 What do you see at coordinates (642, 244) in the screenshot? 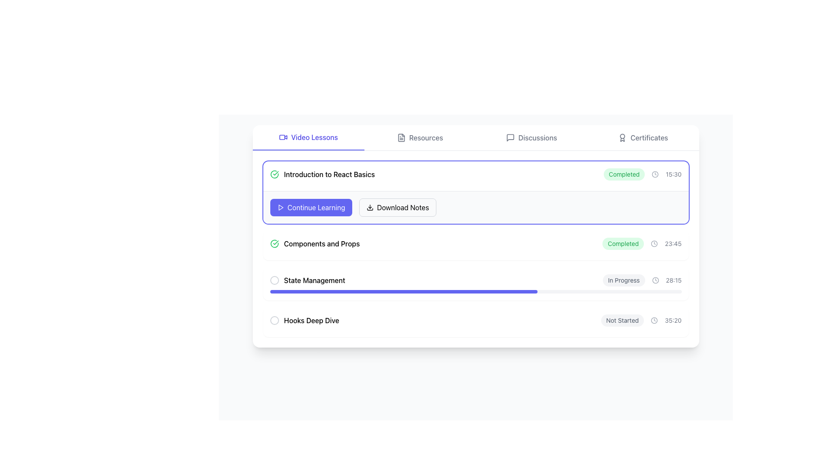
I see `the 'Completed' label element with a green badge and gray clock icon located in the 'Components and Props' section, positioned next to the right of the item's title and below the completion elements of 'Introduction to React Basics'` at bounding box center [642, 244].